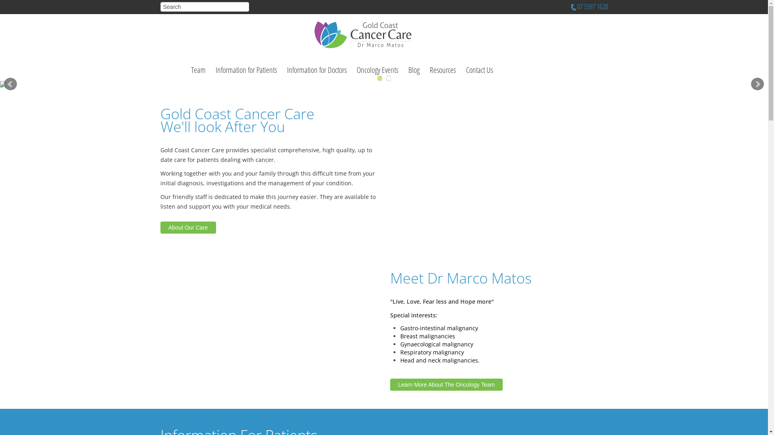  What do you see at coordinates (198, 69) in the screenshot?
I see `'Team'` at bounding box center [198, 69].